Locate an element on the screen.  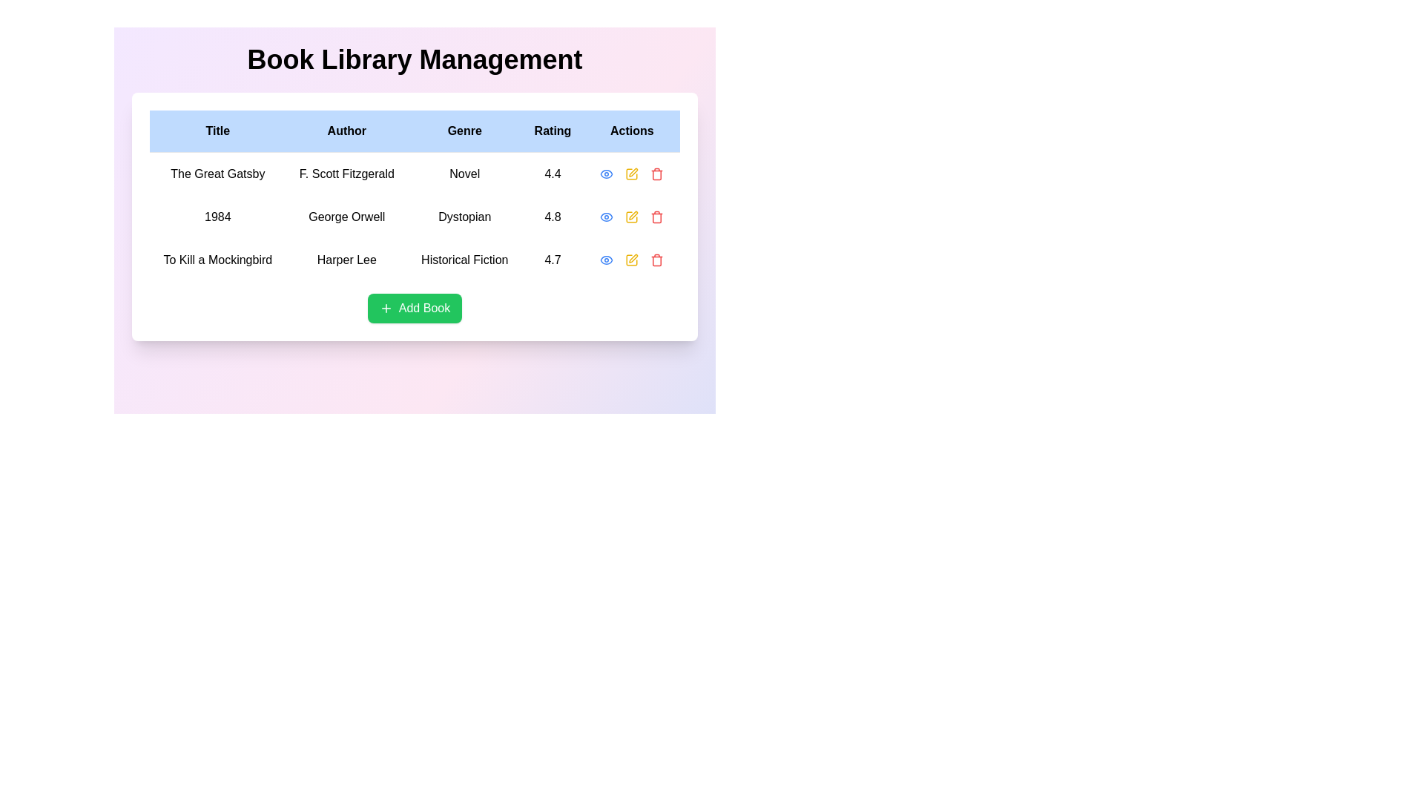
the green rectangular button with rounded corners labeled 'Add Book' located at the bottom center of the card is located at coordinates (415, 308).